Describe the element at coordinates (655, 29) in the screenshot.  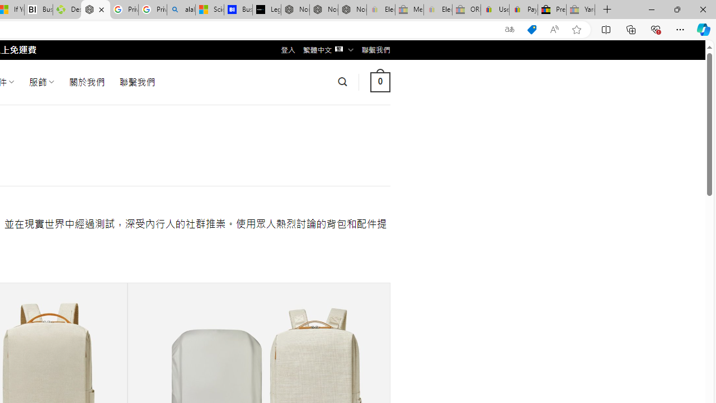
I see `'Browser essentials'` at that location.